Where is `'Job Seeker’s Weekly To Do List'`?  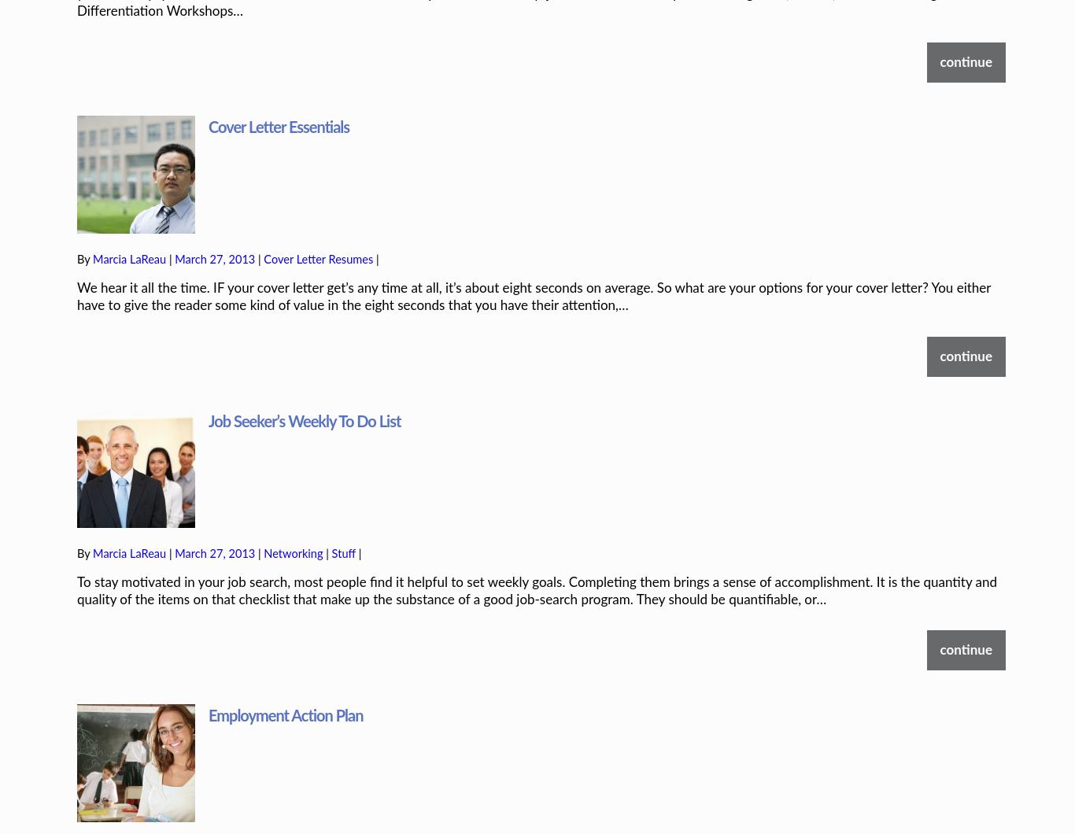 'Job Seeker’s Weekly To Do List' is located at coordinates (303, 368).